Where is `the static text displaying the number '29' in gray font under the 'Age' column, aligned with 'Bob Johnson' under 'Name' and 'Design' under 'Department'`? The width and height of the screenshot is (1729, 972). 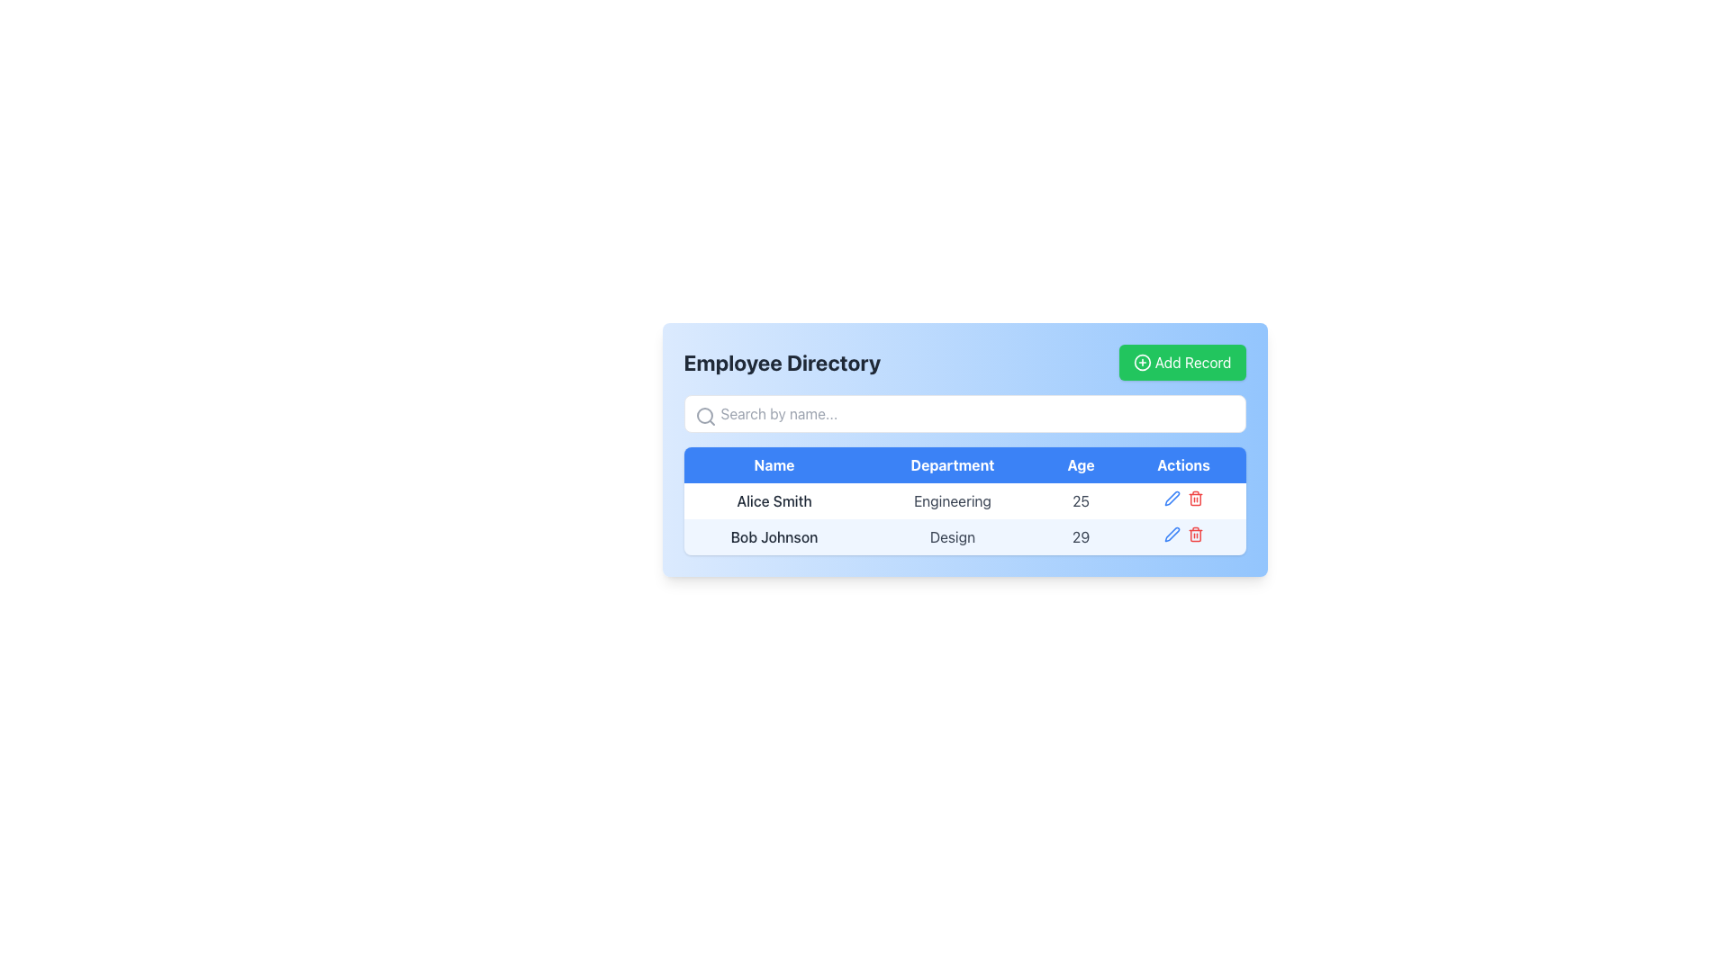 the static text displaying the number '29' in gray font under the 'Age' column, aligned with 'Bob Johnson' under 'Name' and 'Design' under 'Department' is located at coordinates (1081, 536).